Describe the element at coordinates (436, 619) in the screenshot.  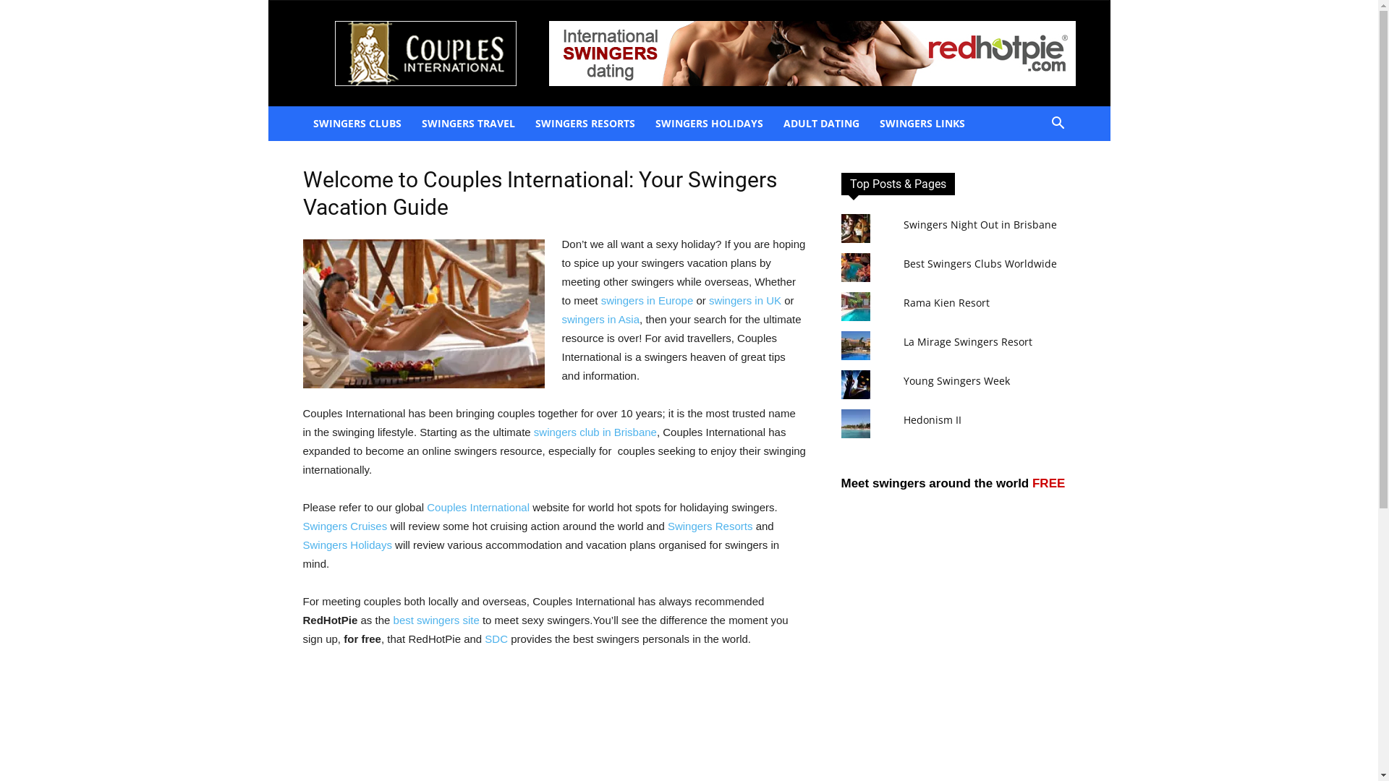
I see `'best swingers site'` at that location.